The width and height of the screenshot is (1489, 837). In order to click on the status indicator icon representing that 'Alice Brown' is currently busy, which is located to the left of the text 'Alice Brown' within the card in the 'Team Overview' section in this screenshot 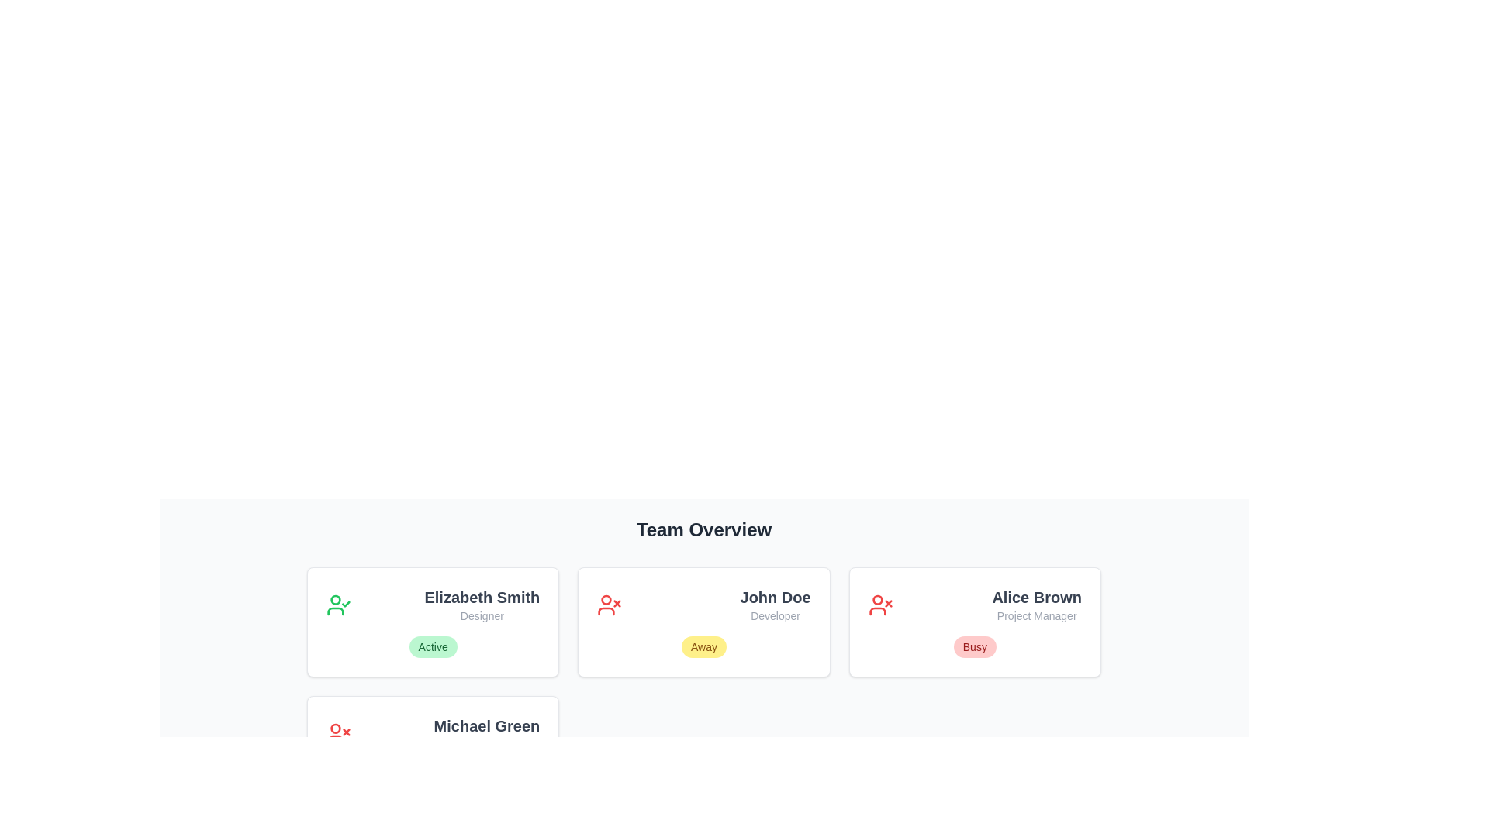, I will do `click(880, 604)`.